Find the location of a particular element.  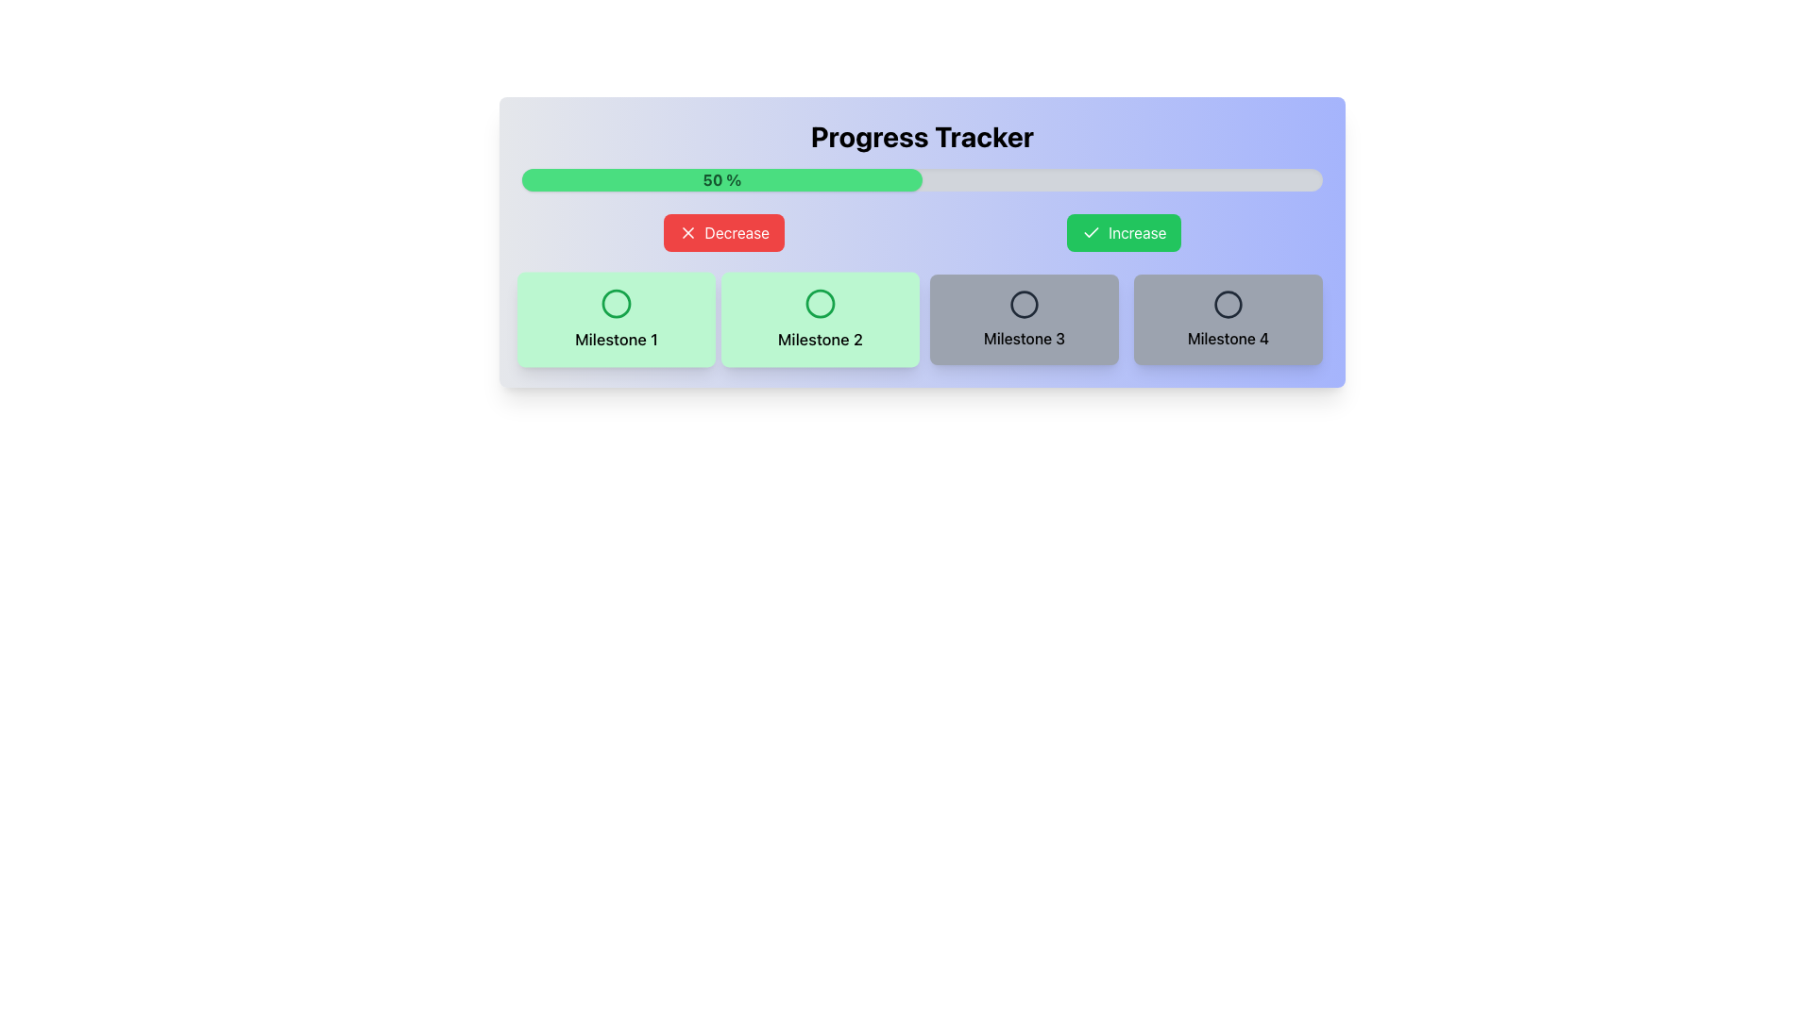

the confirmation icon located inside the 'Increase' button, which is positioned on the right side of the top button group in the interface is located at coordinates (1092, 231).